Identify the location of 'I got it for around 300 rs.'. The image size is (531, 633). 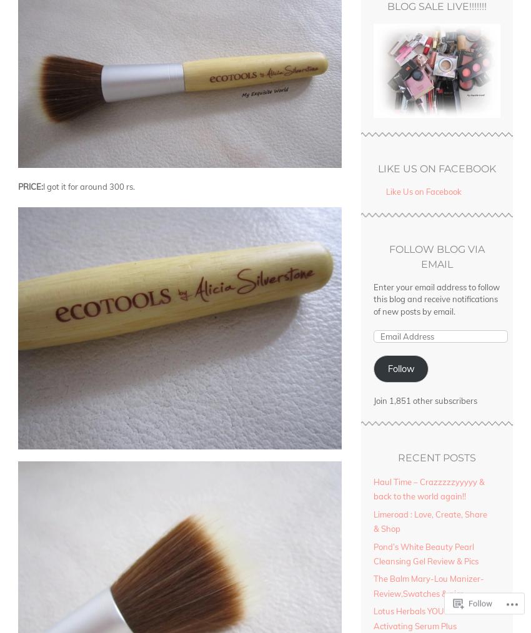
(89, 187).